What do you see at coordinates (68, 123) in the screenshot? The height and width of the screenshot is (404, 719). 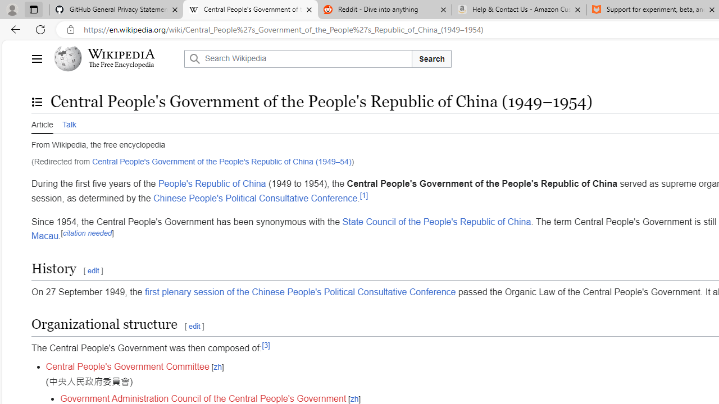 I see `'Talk'` at bounding box center [68, 123].